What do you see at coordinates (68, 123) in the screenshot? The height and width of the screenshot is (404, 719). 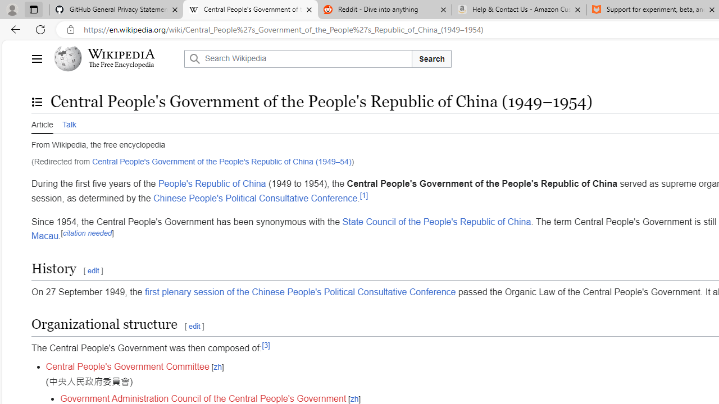 I see `'Talk'` at bounding box center [68, 123].